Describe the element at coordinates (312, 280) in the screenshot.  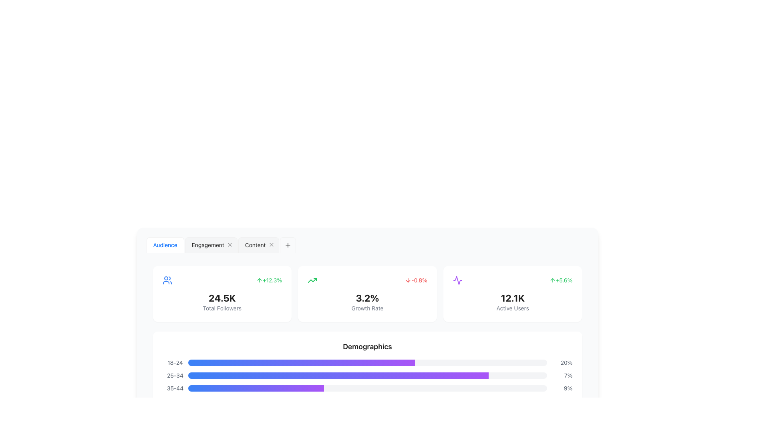
I see `the small green arrow-shaped icon located at the top-right corner of the first card in the second row of cards on the dashboard` at that location.